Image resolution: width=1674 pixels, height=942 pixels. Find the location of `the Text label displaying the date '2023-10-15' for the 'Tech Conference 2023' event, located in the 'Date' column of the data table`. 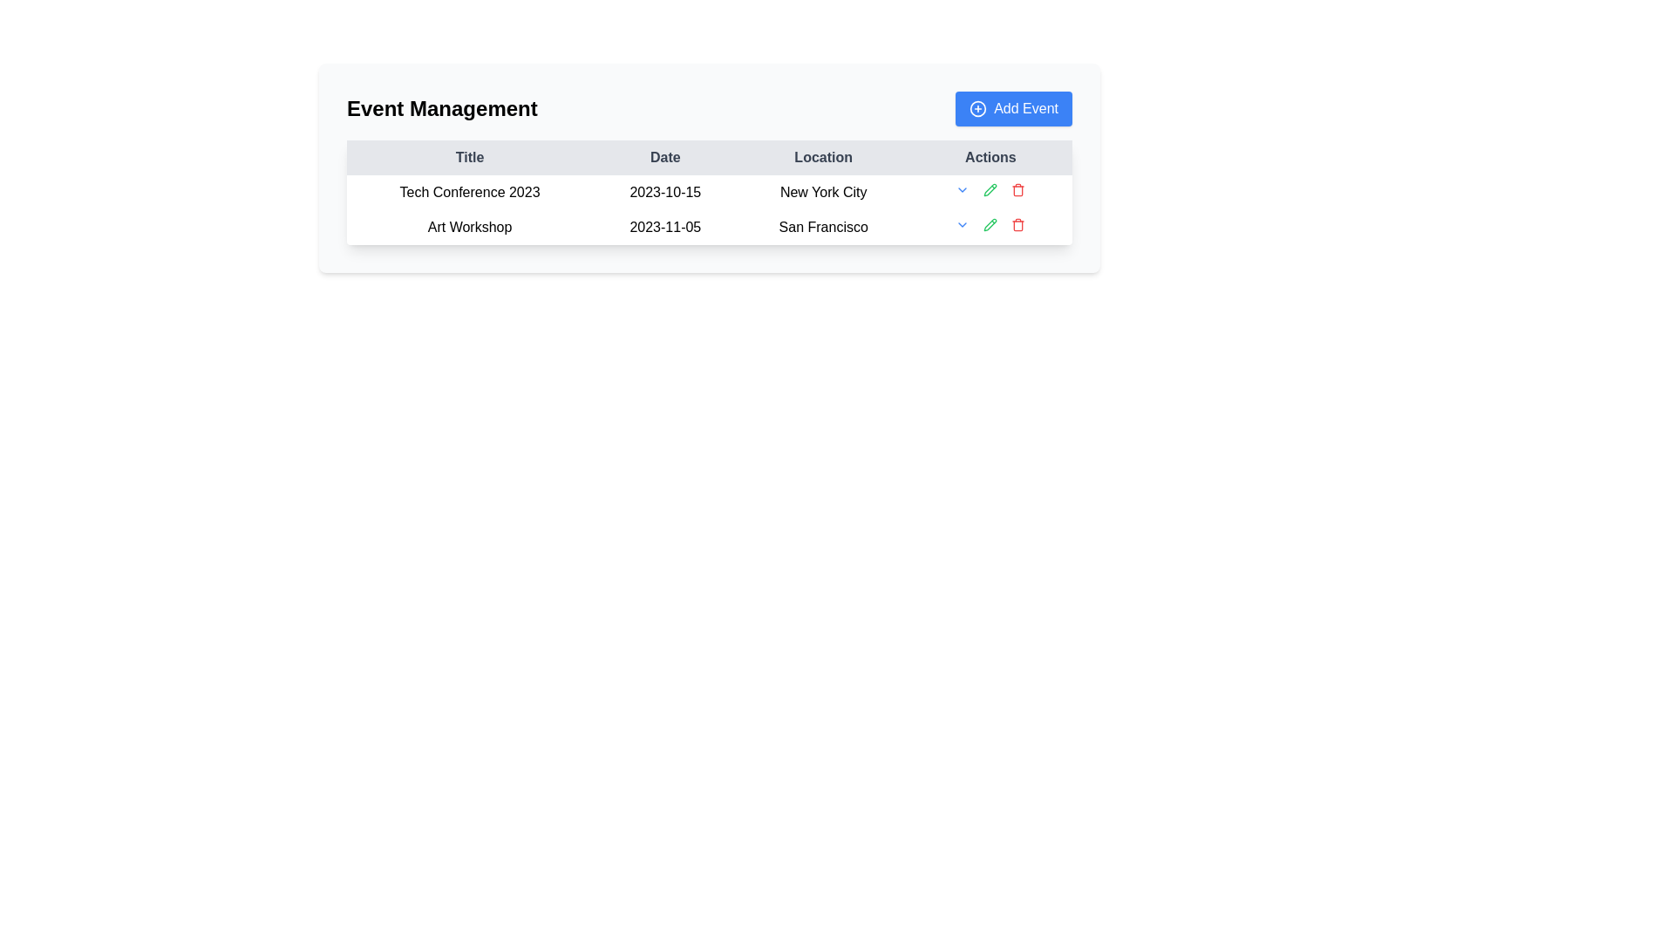

the Text label displaying the date '2023-10-15' for the 'Tech Conference 2023' event, located in the 'Date' column of the data table is located at coordinates (664, 192).